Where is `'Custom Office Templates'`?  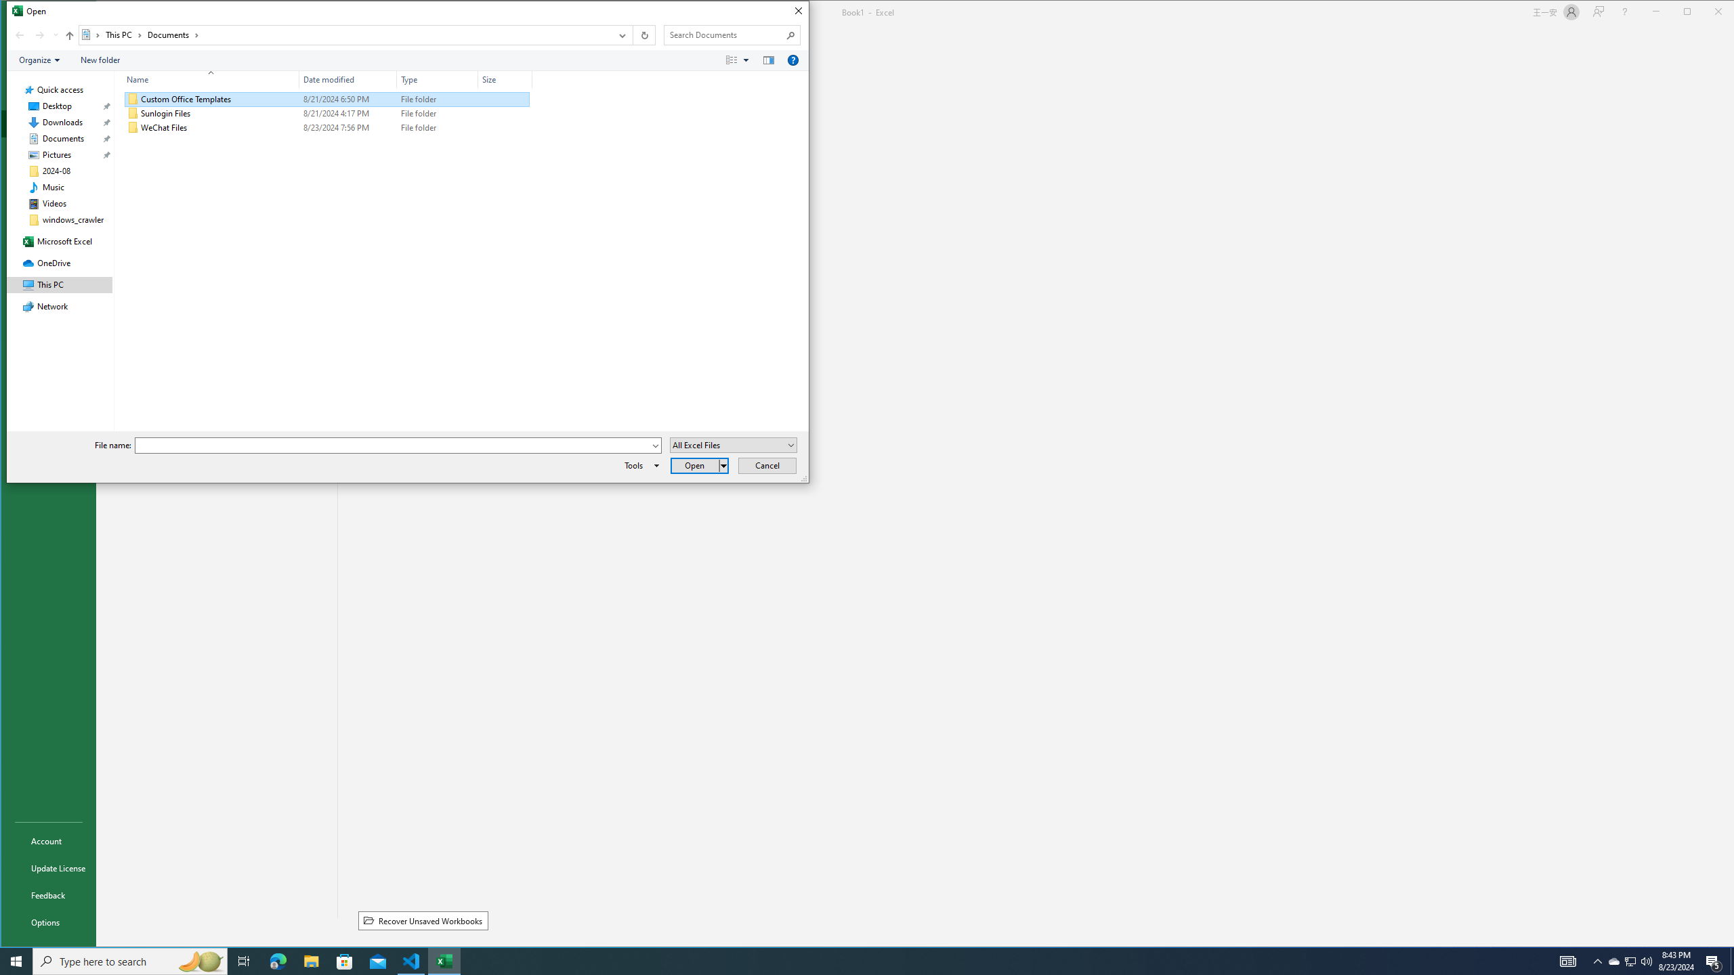
'Custom Office Templates' is located at coordinates (326, 98).